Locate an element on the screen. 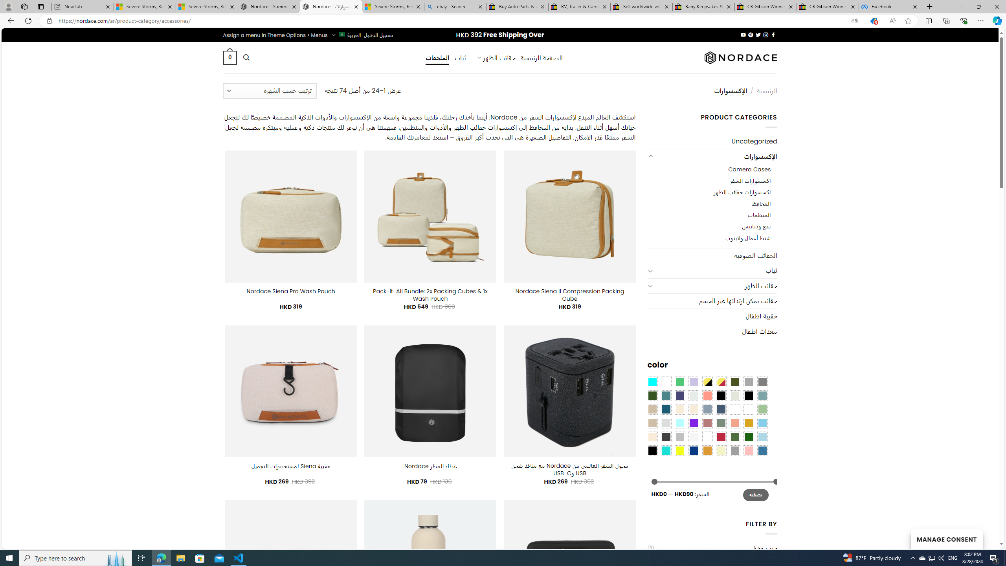 The width and height of the screenshot is (1006, 566). 'This site has coupons! Shopping in Microsoft Edge, 5' is located at coordinates (873, 21).